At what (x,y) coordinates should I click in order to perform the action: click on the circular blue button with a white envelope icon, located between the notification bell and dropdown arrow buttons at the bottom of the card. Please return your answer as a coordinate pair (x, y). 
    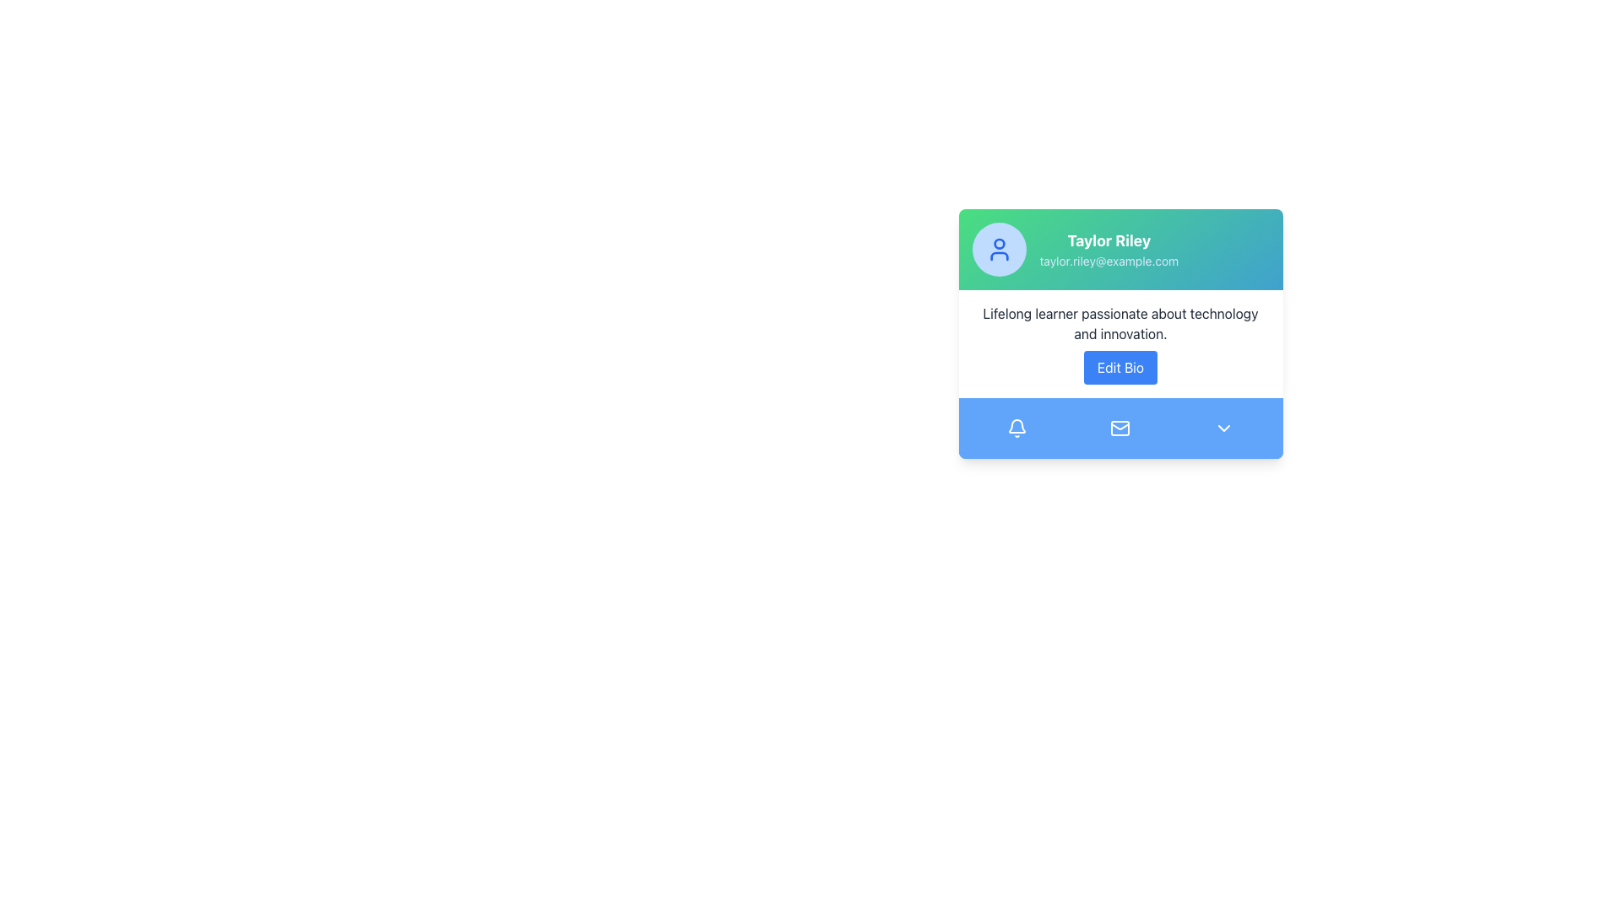
    Looking at the image, I should click on (1120, 428).